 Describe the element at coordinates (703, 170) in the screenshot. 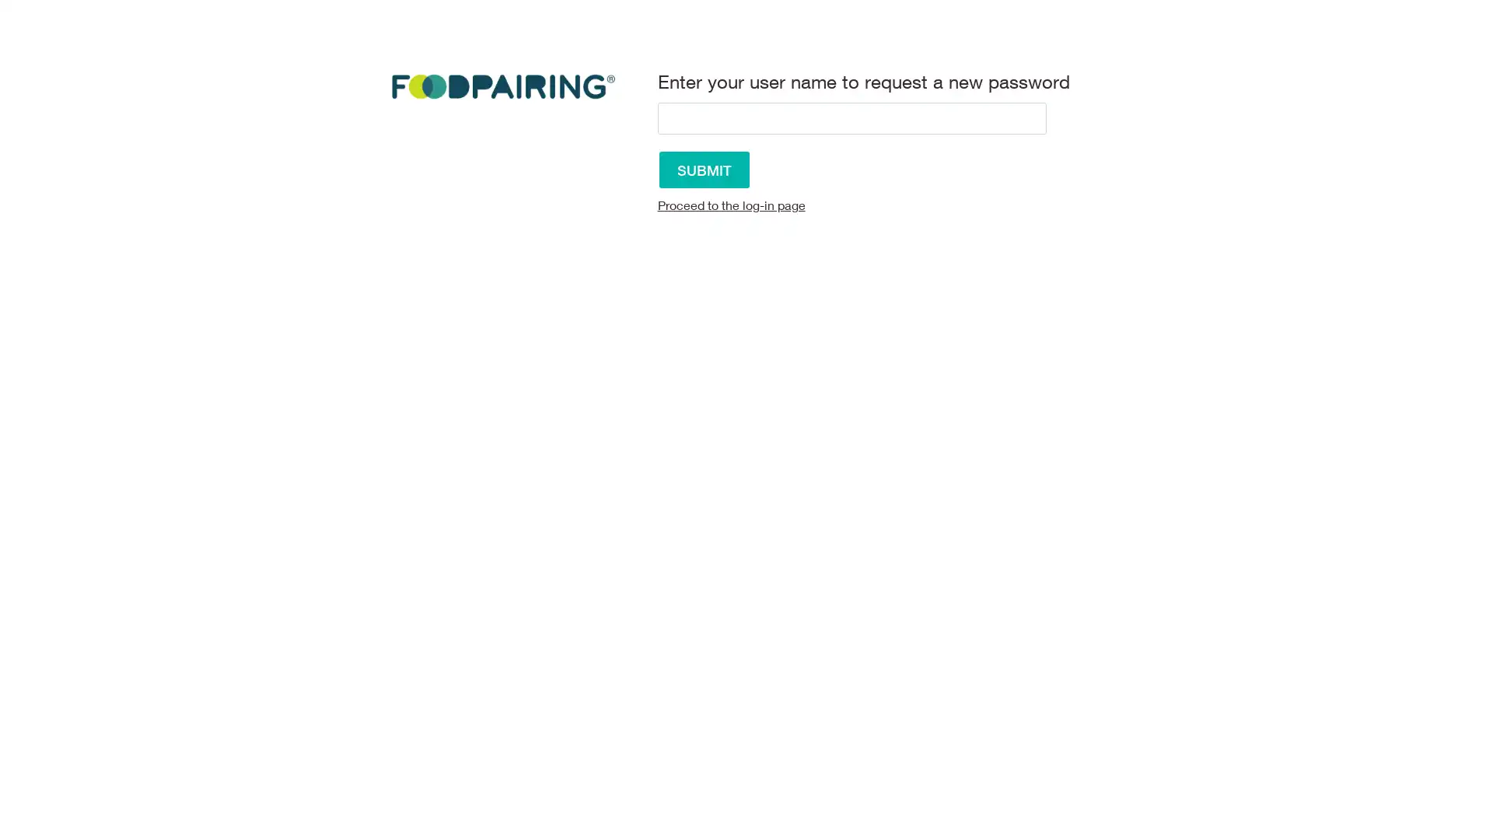

I see `Submit` at that location.